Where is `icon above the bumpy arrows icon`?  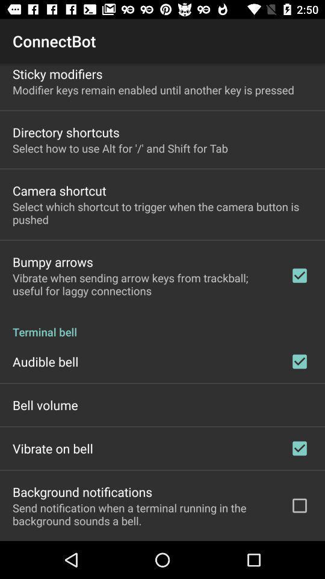 icon above the bumpy arrows icon is located at coordinates (162, 213).